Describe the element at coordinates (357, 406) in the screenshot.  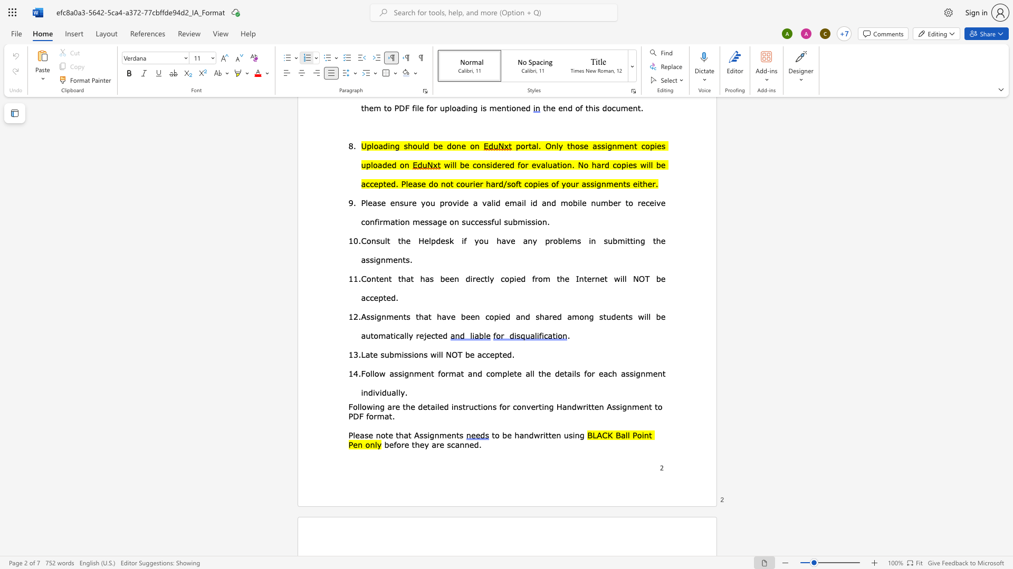
I see `the space between the continuous character "o" and "l" in the text` at that location.